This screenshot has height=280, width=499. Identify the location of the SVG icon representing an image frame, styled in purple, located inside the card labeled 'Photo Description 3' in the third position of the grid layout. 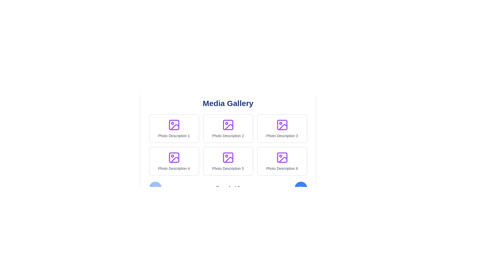
(282, 125).